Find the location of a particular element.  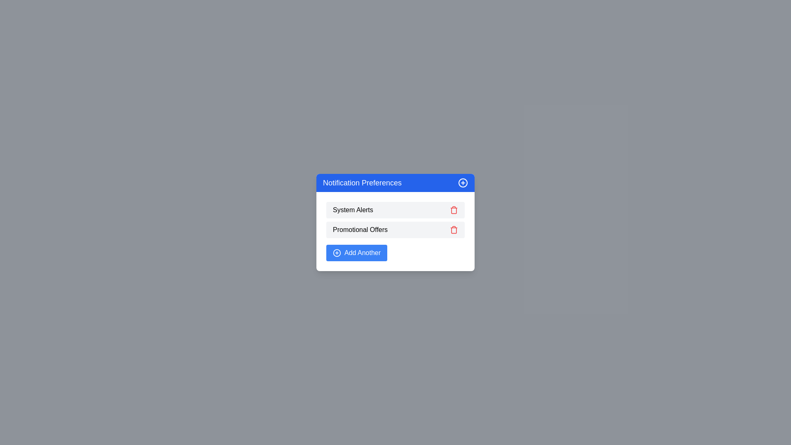

the 'System Alerts' text label, which is the first item in the notification preferences list is located at coordinates (353, 209).